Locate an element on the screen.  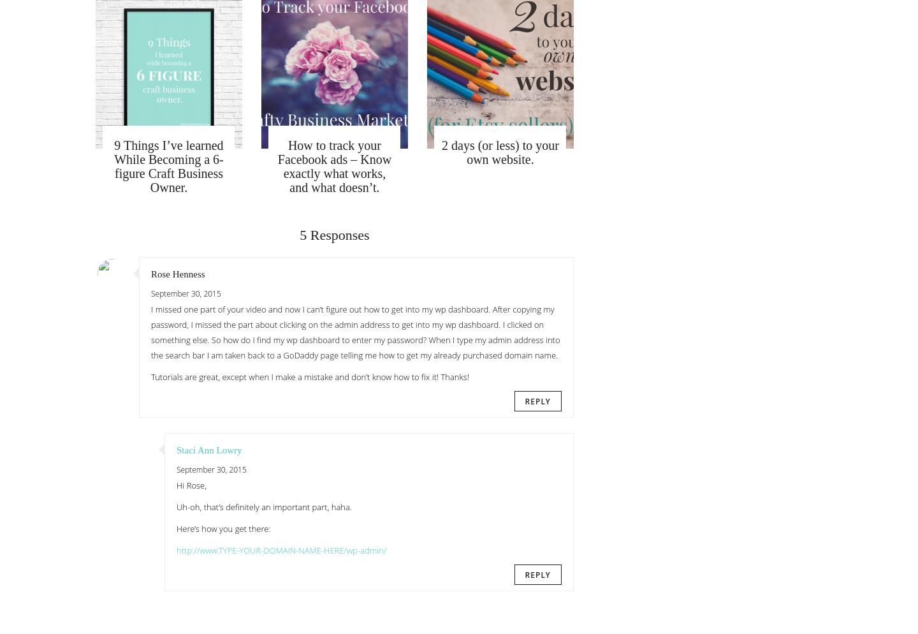
'9 Things I’ve learned While Becoming a 6-figure Craft Business Owner.' is located at coordinates (168, 166).